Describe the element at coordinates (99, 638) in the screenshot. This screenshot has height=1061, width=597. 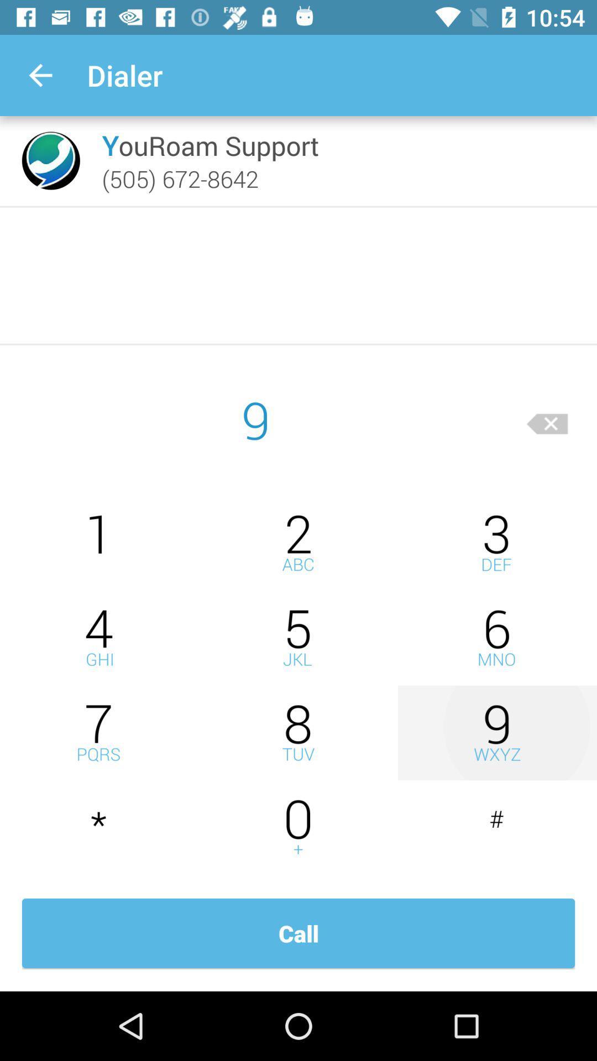
I see `4 button` at that location.